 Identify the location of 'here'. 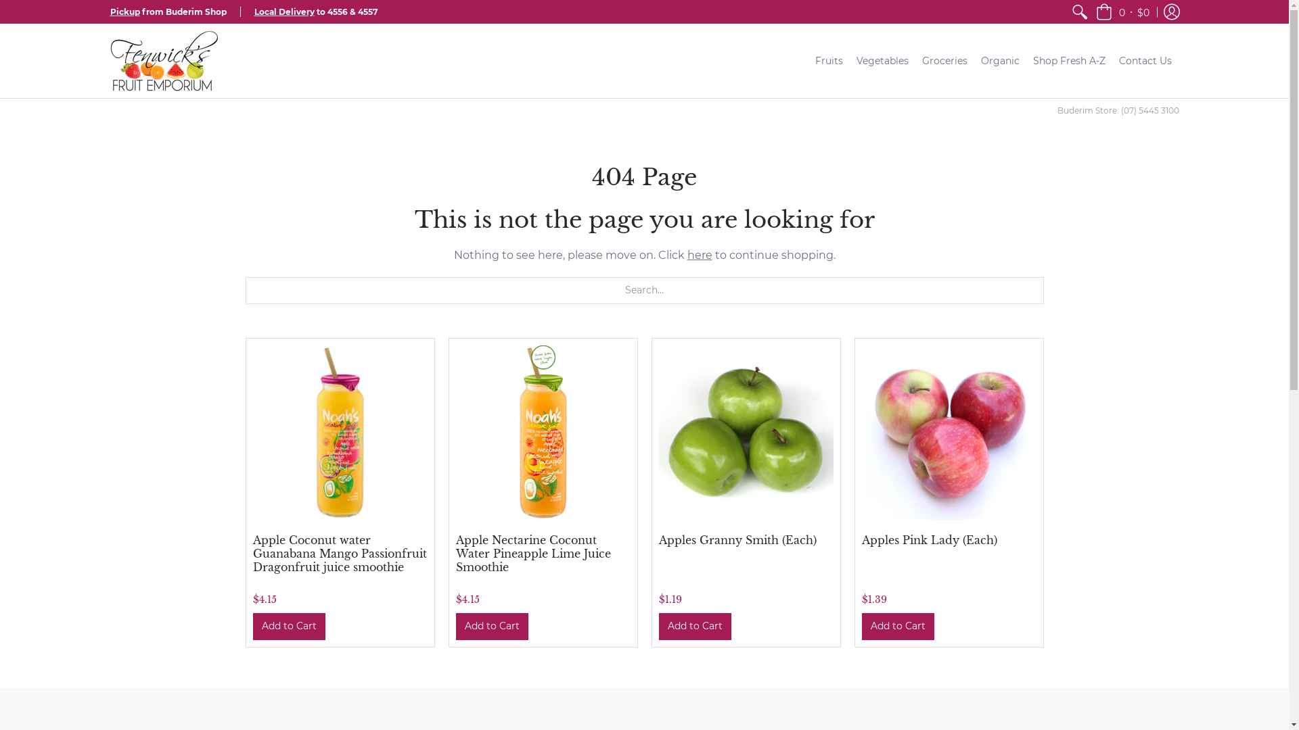
(687, 255).